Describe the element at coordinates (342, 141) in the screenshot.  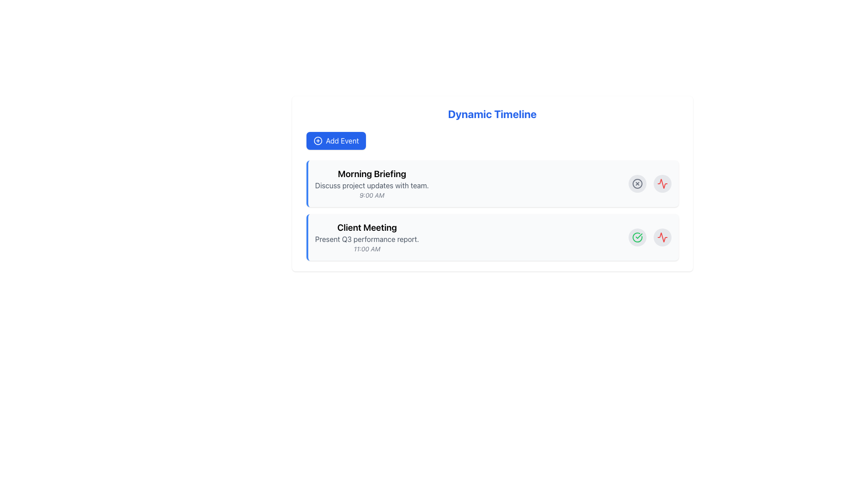
I see `text displayed in the 'Add Event' button, which is styled in white font on a blue background` at that location.